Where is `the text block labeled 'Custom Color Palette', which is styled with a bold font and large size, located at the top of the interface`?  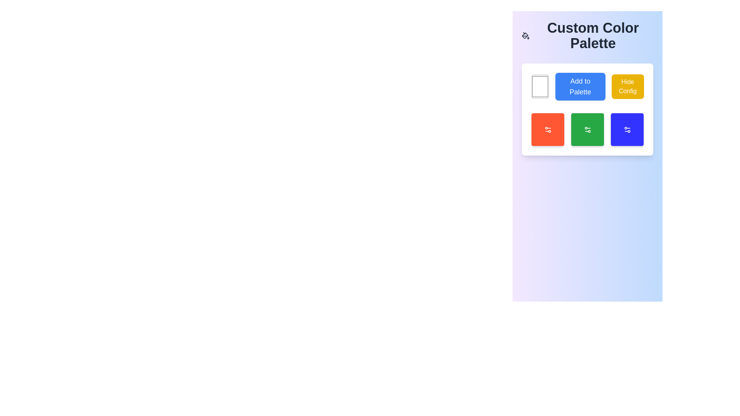
the text block labeled 'Custom Color Palette', which is styled with a bold font and large size, located at the top of the interface is located at coordinates (587, 35).